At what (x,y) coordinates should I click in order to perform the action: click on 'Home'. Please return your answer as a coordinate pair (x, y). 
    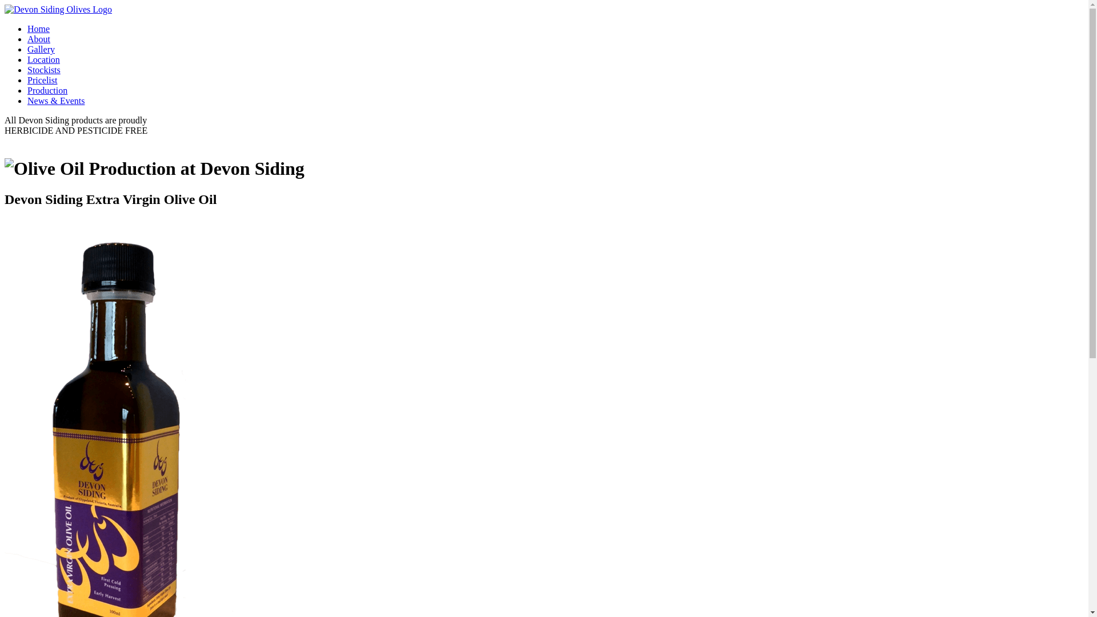
    Looking at the image, I should click on (38, 28).